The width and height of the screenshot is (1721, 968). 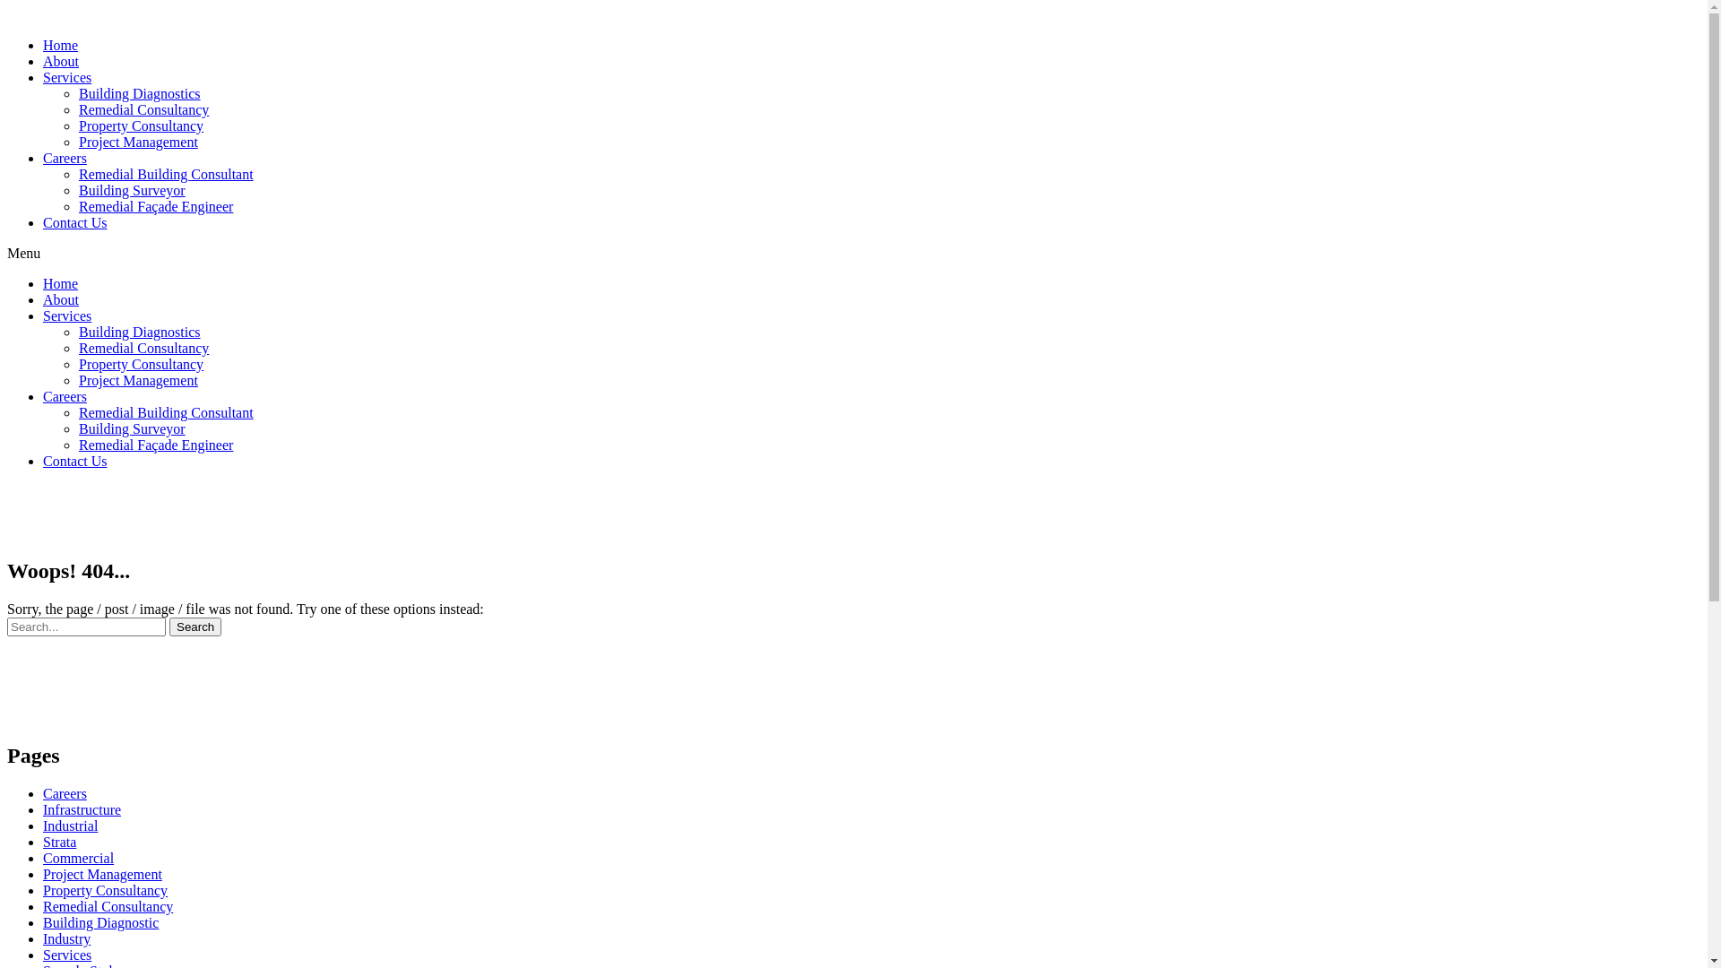 I want to click on 'About', so click(x=60, y=60).